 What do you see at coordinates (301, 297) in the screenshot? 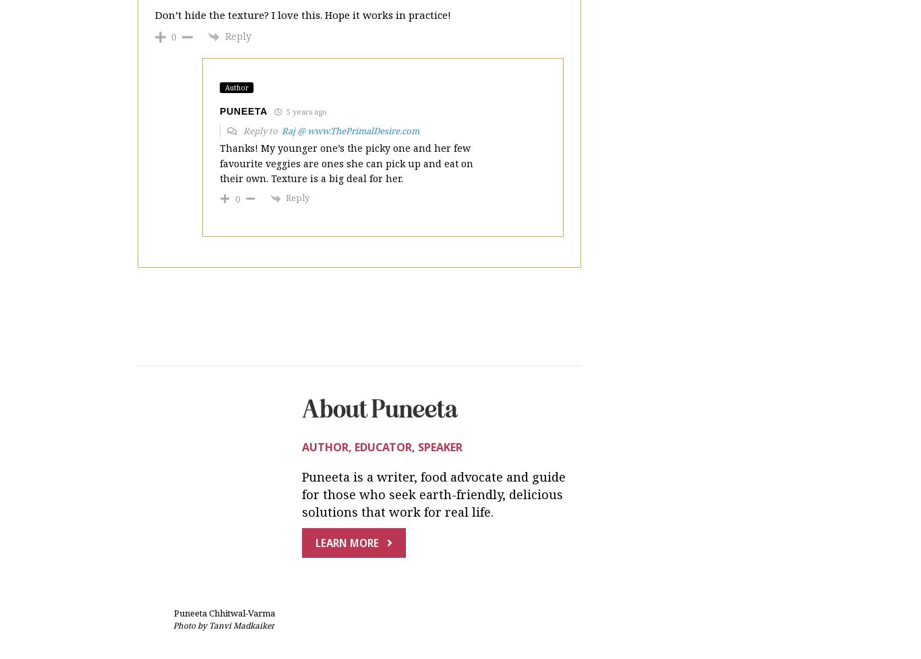
I see `'About Puneeta'` at bounding box center [301, 297].